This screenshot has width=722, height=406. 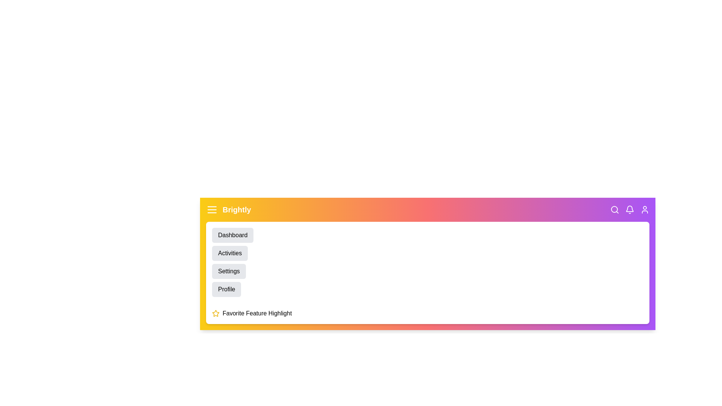 I want to click on the 'Profile' menu item, so click(x=226, y=289).